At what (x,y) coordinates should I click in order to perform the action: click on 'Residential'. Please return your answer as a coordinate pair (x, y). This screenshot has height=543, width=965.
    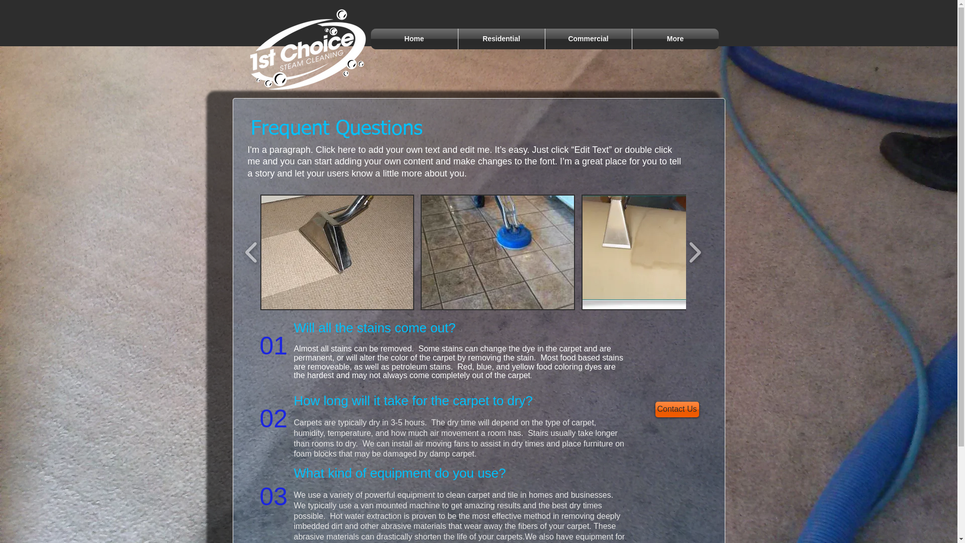
    Looking at the image, I should click on (502, 38).